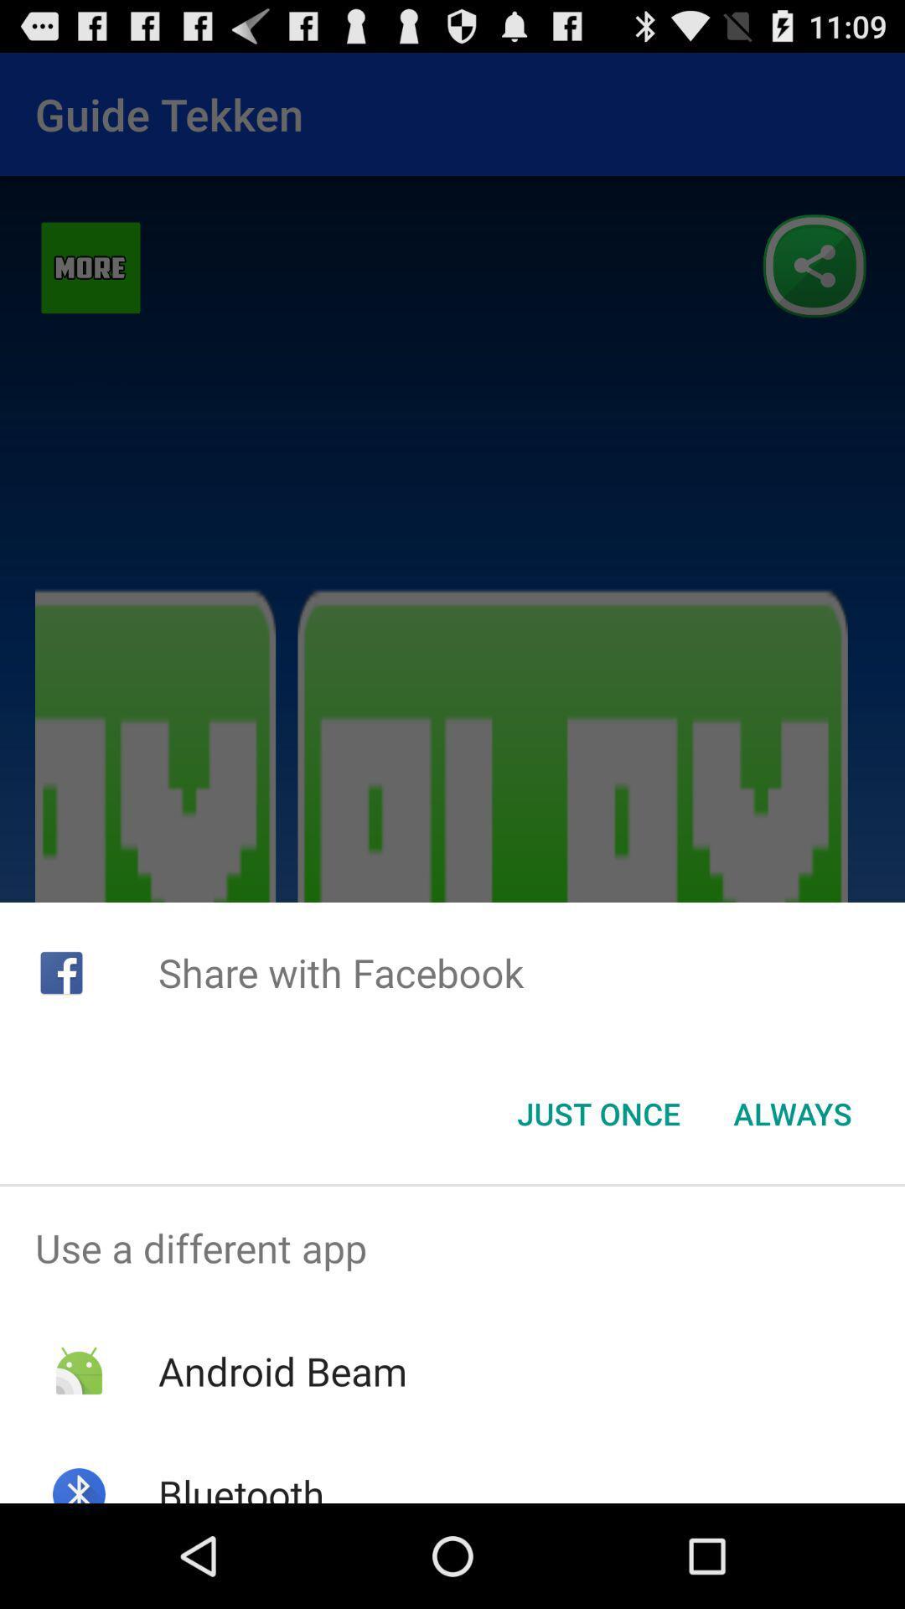  Describe the element at coordinates (792, 1114) in the screenshot. I see `the item below the share with facebook` at that location.